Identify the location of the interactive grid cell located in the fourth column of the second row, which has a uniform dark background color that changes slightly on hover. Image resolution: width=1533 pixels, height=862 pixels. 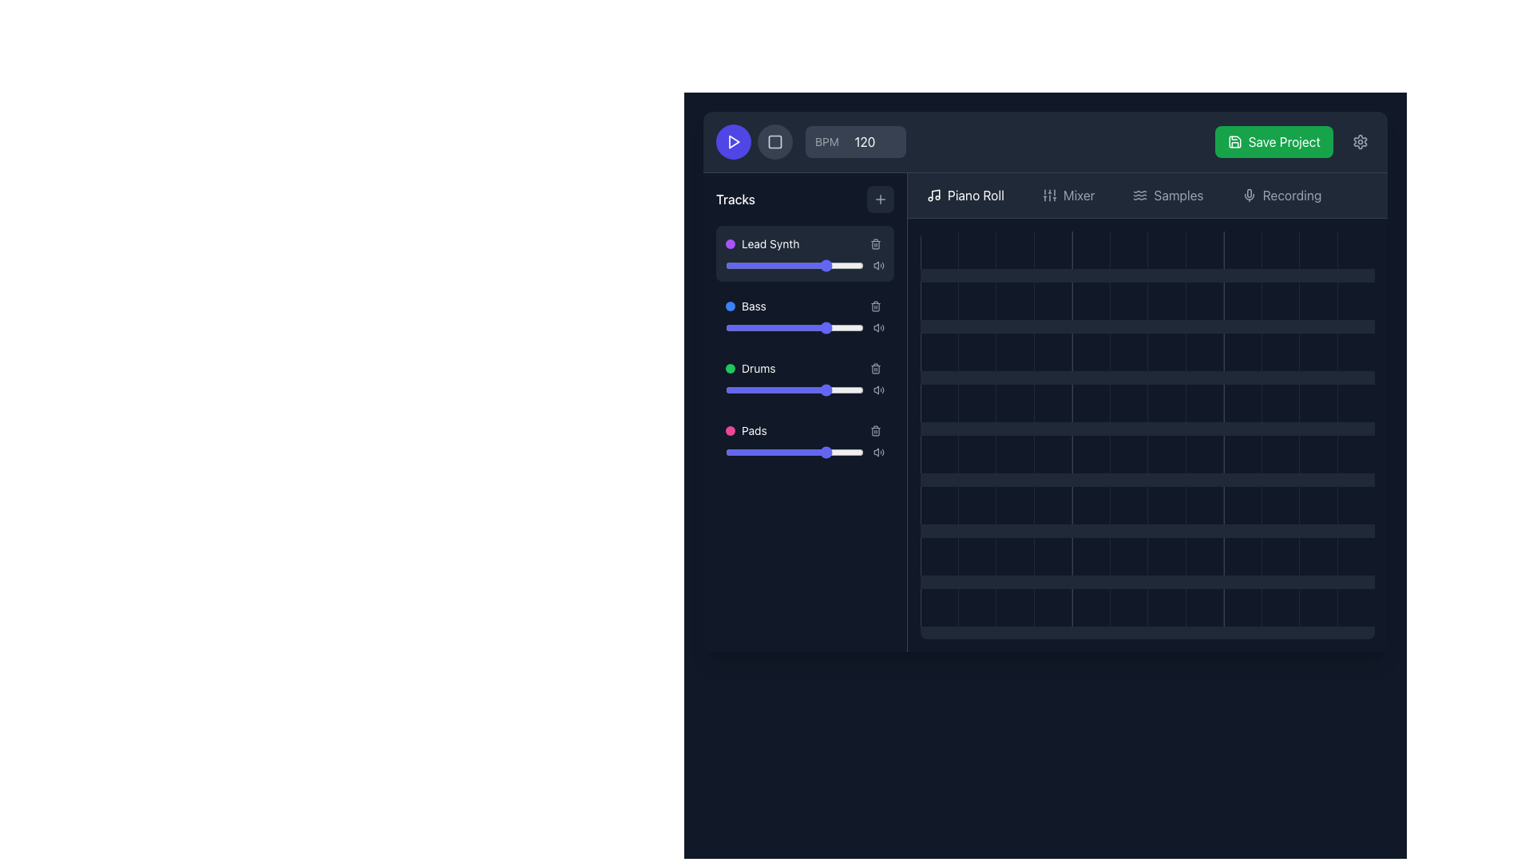
(1052, 301).